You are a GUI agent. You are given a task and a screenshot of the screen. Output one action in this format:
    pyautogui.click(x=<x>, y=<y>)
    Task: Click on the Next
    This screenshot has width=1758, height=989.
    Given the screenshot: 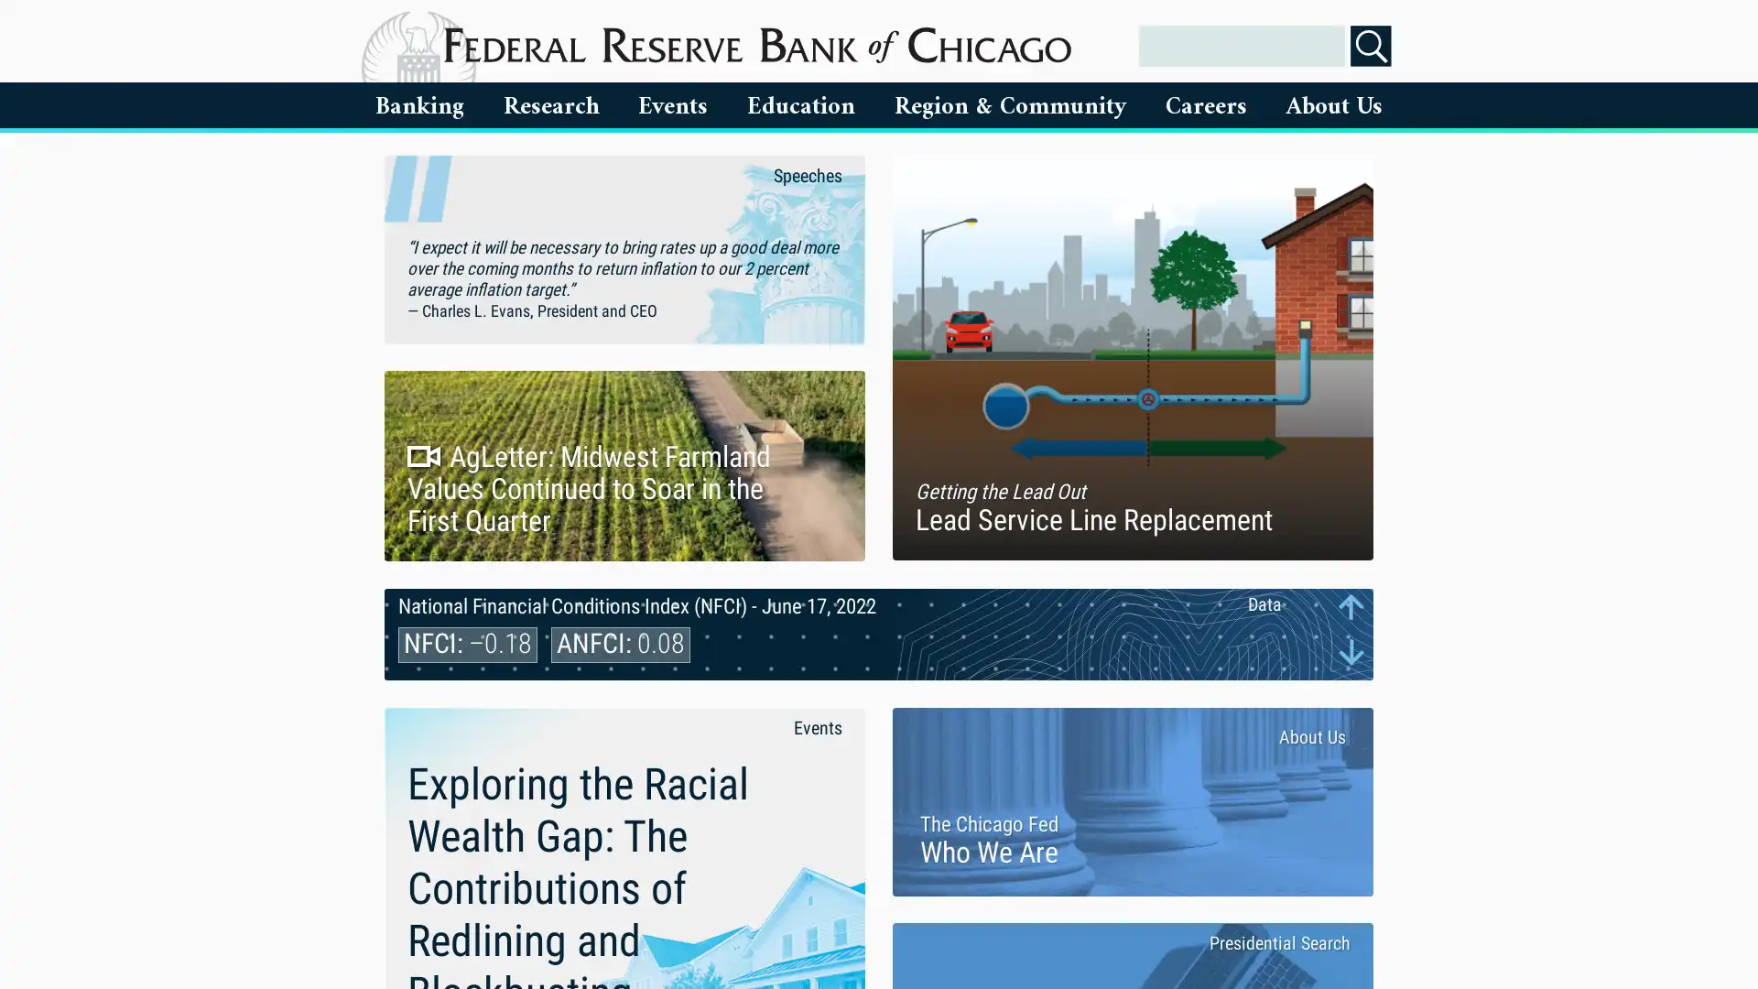 What is the action you would take?
    pyautogui.click(x=1351, y=650)
    